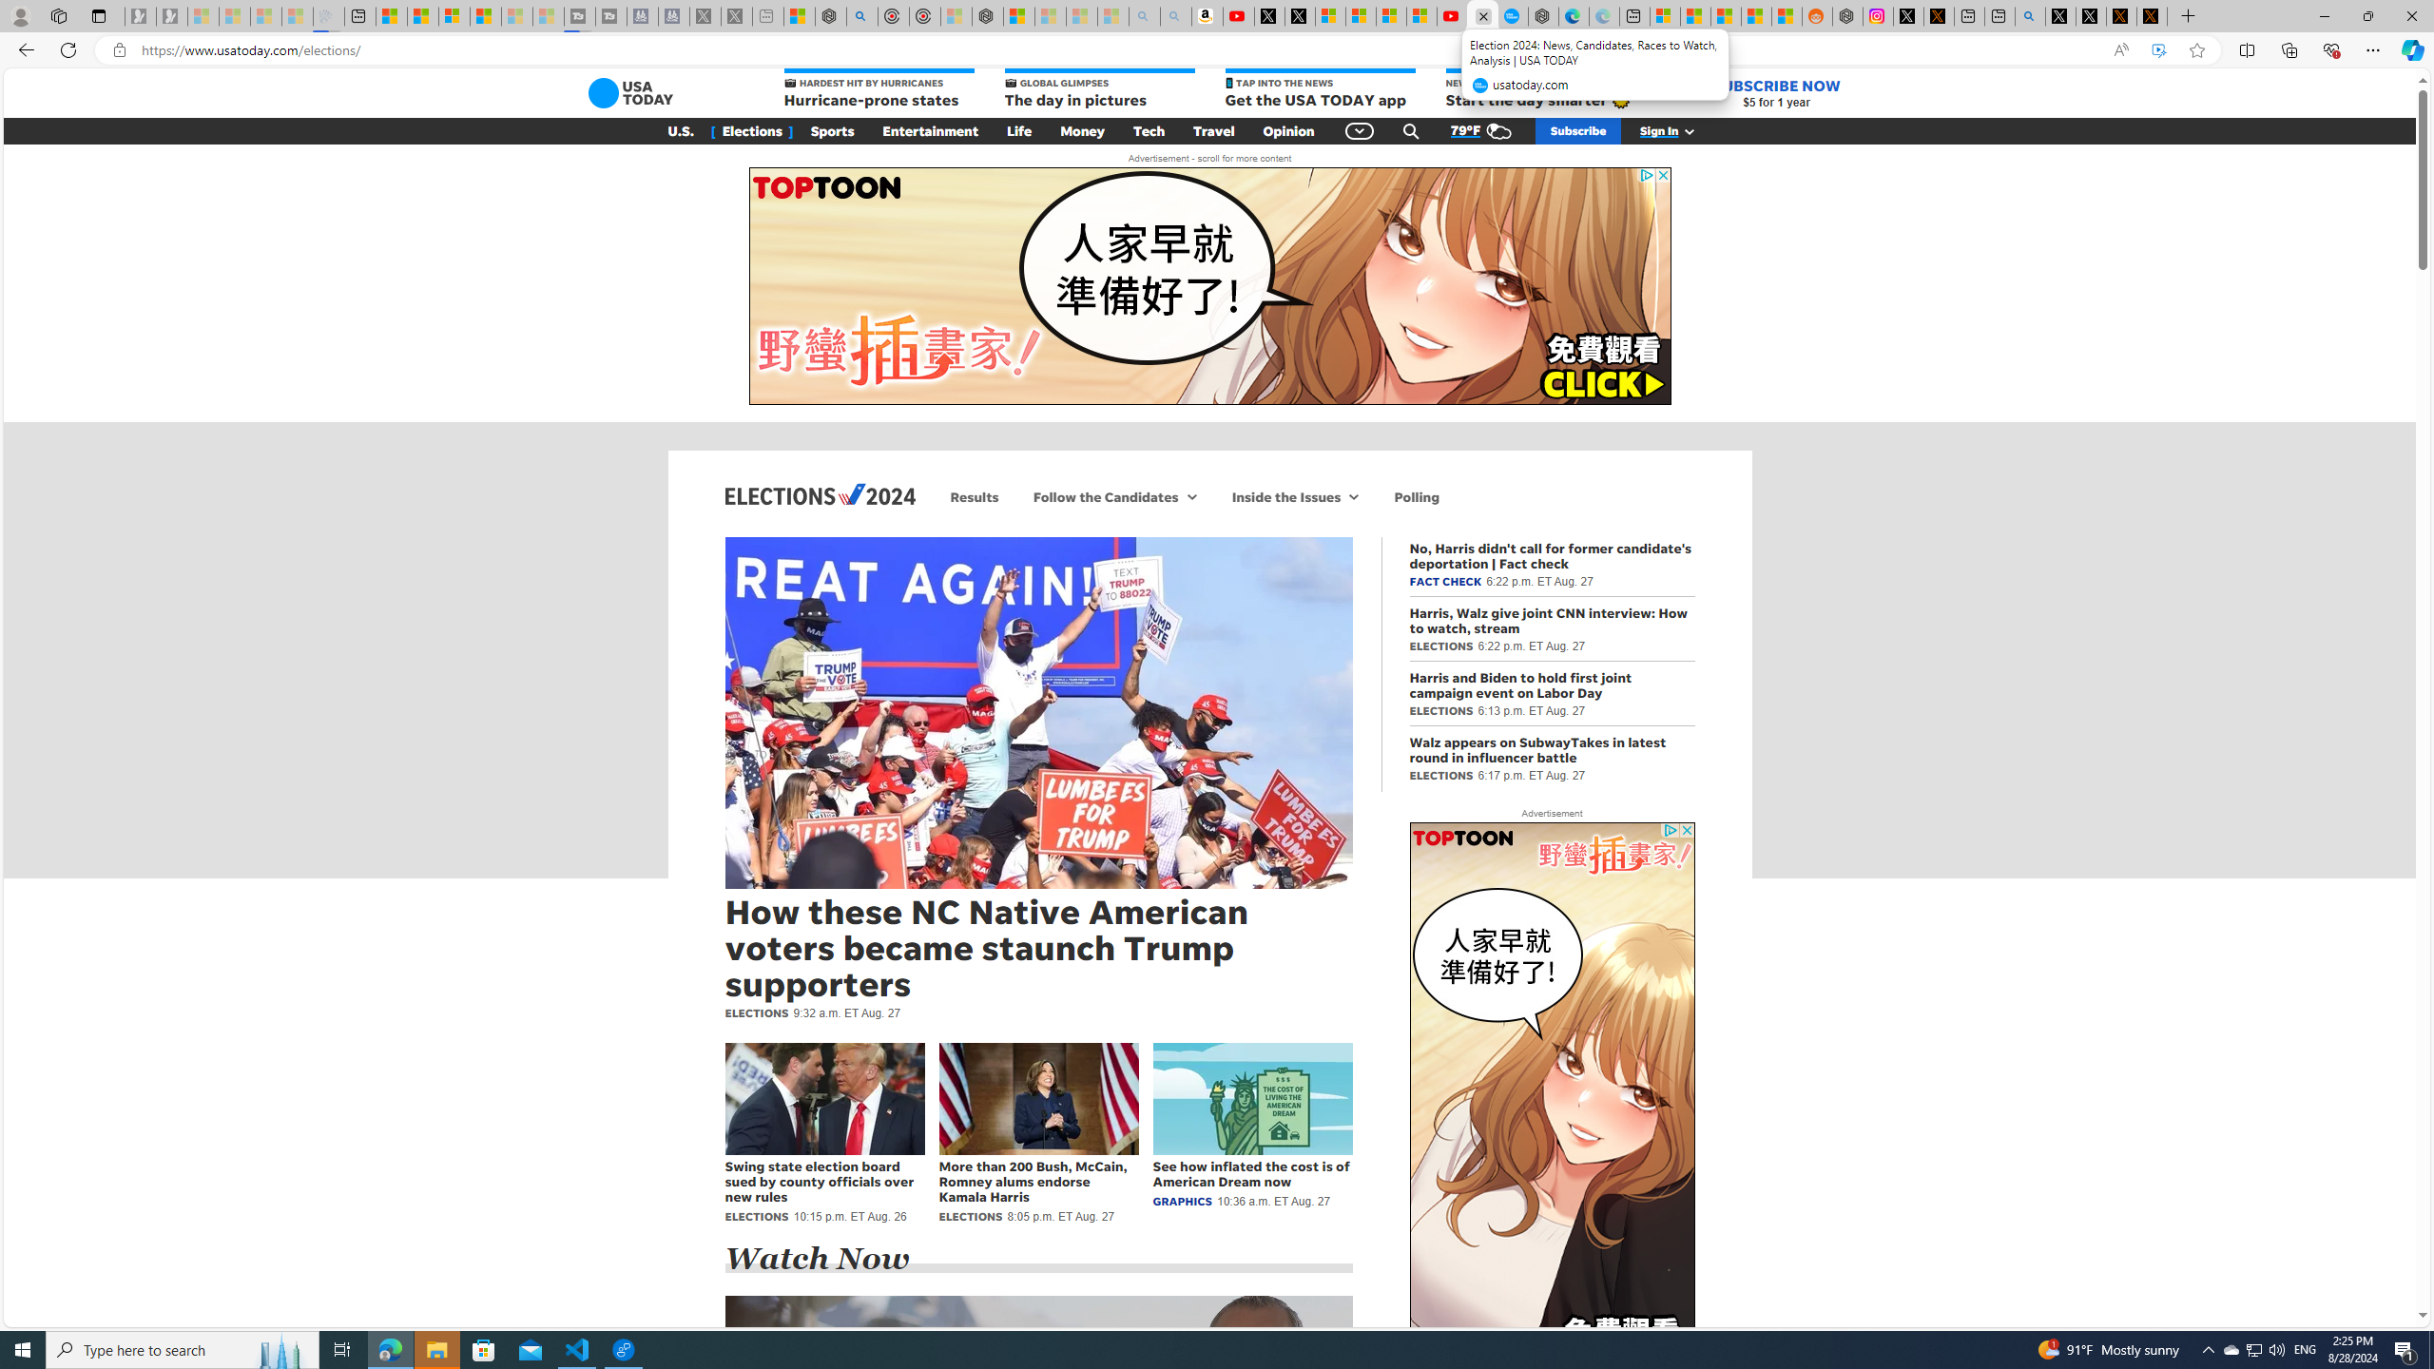  What do you see at coordinates (819, 492) in the screenshot?
I see `'Elections 2024'` at bounding box center [819, 492].